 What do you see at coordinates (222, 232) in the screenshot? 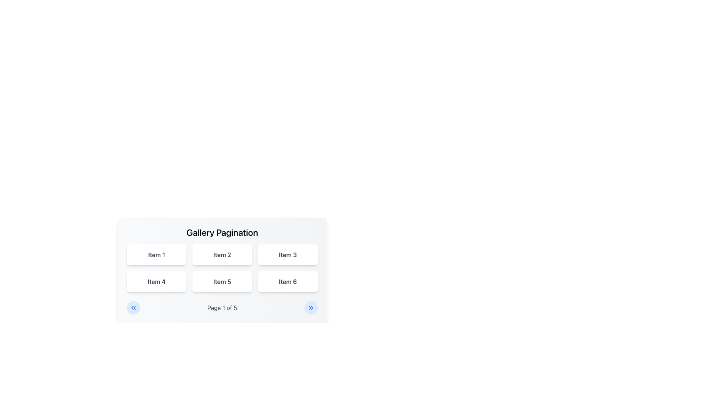
I see `the 'Gallery Pagination' text label, which is a bold, black text element centered at the top of the pagination controls for the gallery` at bounding box center [222, 232].